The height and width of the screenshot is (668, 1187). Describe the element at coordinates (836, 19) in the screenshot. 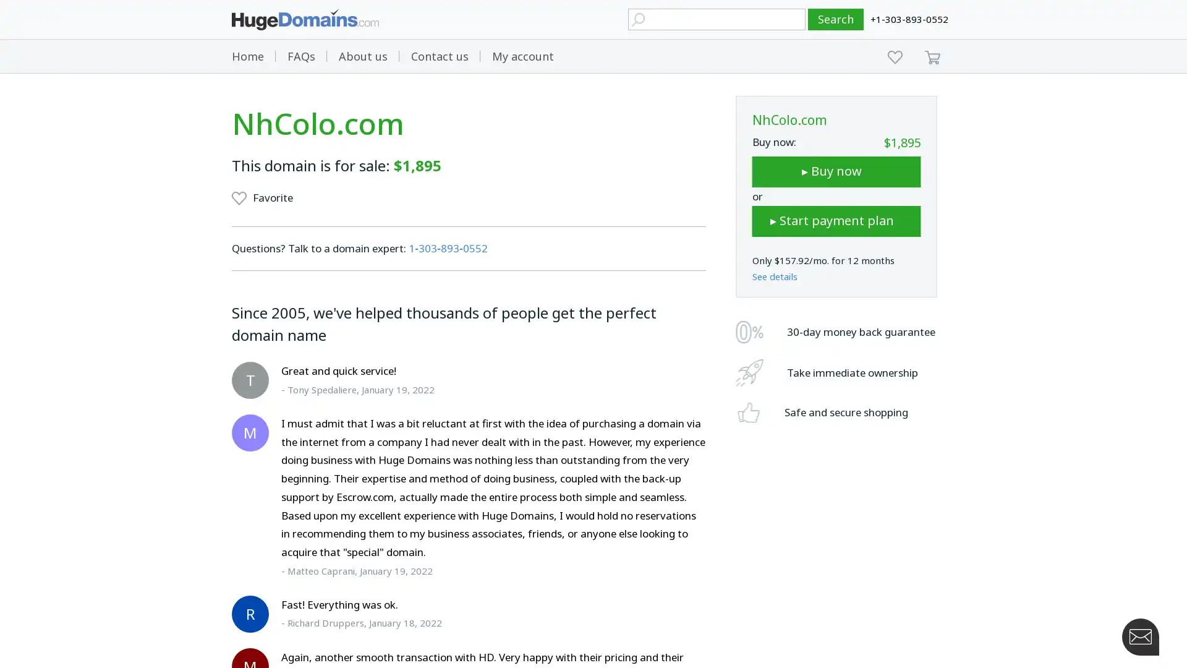

I see `Search` at that location.